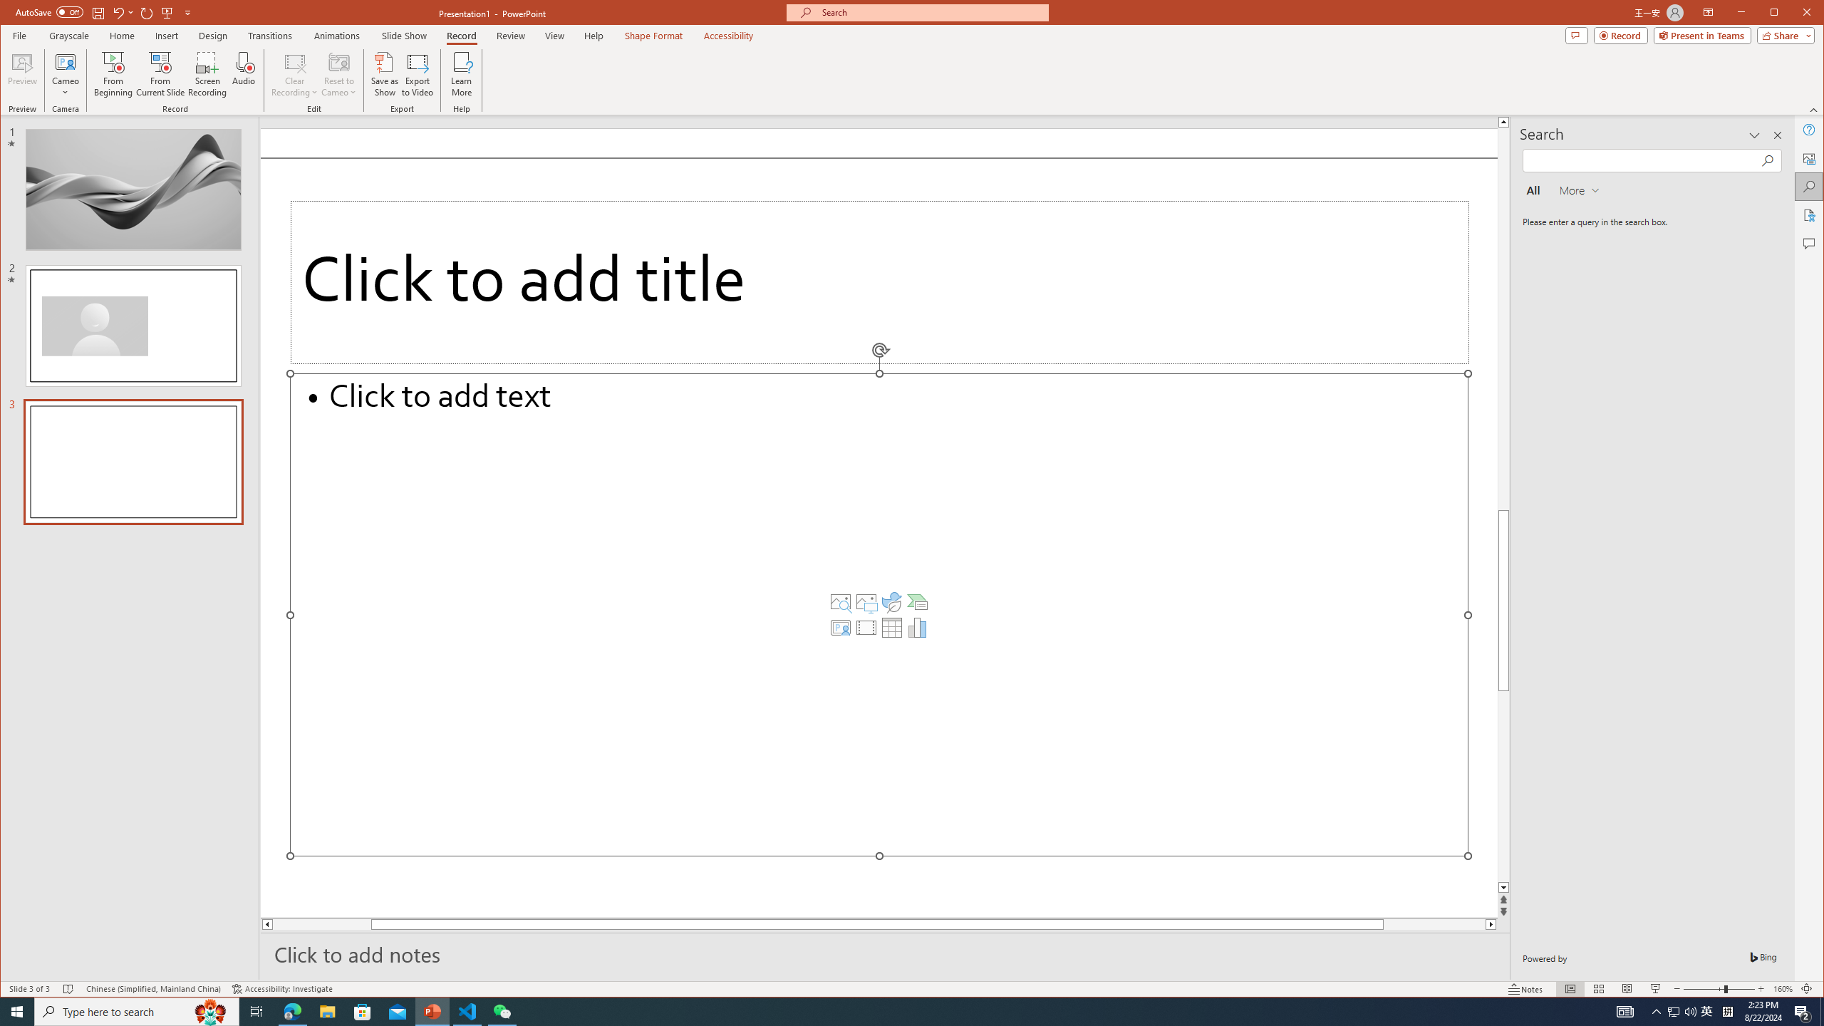 The image size is (1824, 1026). I want to click on 'Insert Cameo', so click(840, 627).